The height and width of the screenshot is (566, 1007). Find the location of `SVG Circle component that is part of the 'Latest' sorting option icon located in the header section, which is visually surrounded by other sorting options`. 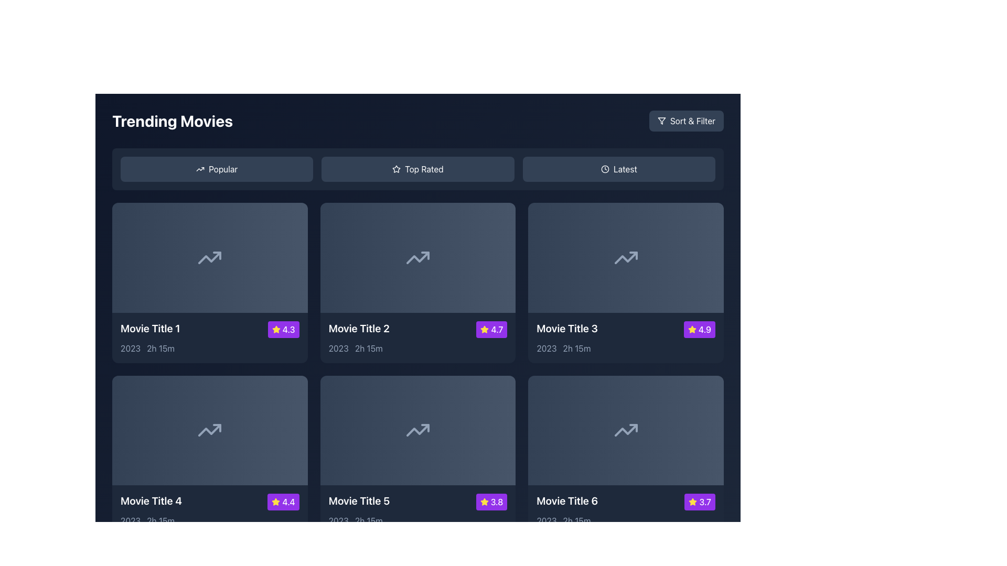

SVG Circle component that is part of the 'Latest' sorting option icon located in the header section, which is visually surrounded by other sorting options is located at coordinates (605, 169).